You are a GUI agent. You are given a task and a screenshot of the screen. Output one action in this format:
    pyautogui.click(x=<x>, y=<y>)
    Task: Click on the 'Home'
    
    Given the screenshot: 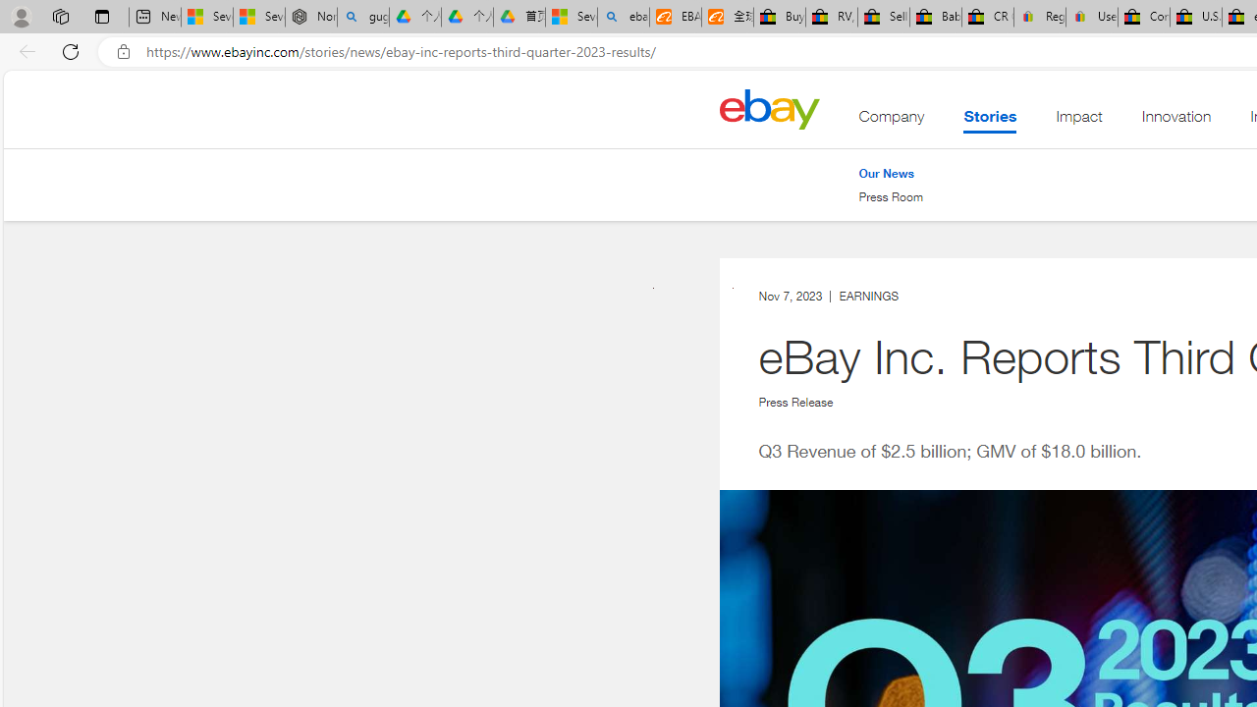 What is the action you would take?
    pyautogui.click(x=768, y=109)
    